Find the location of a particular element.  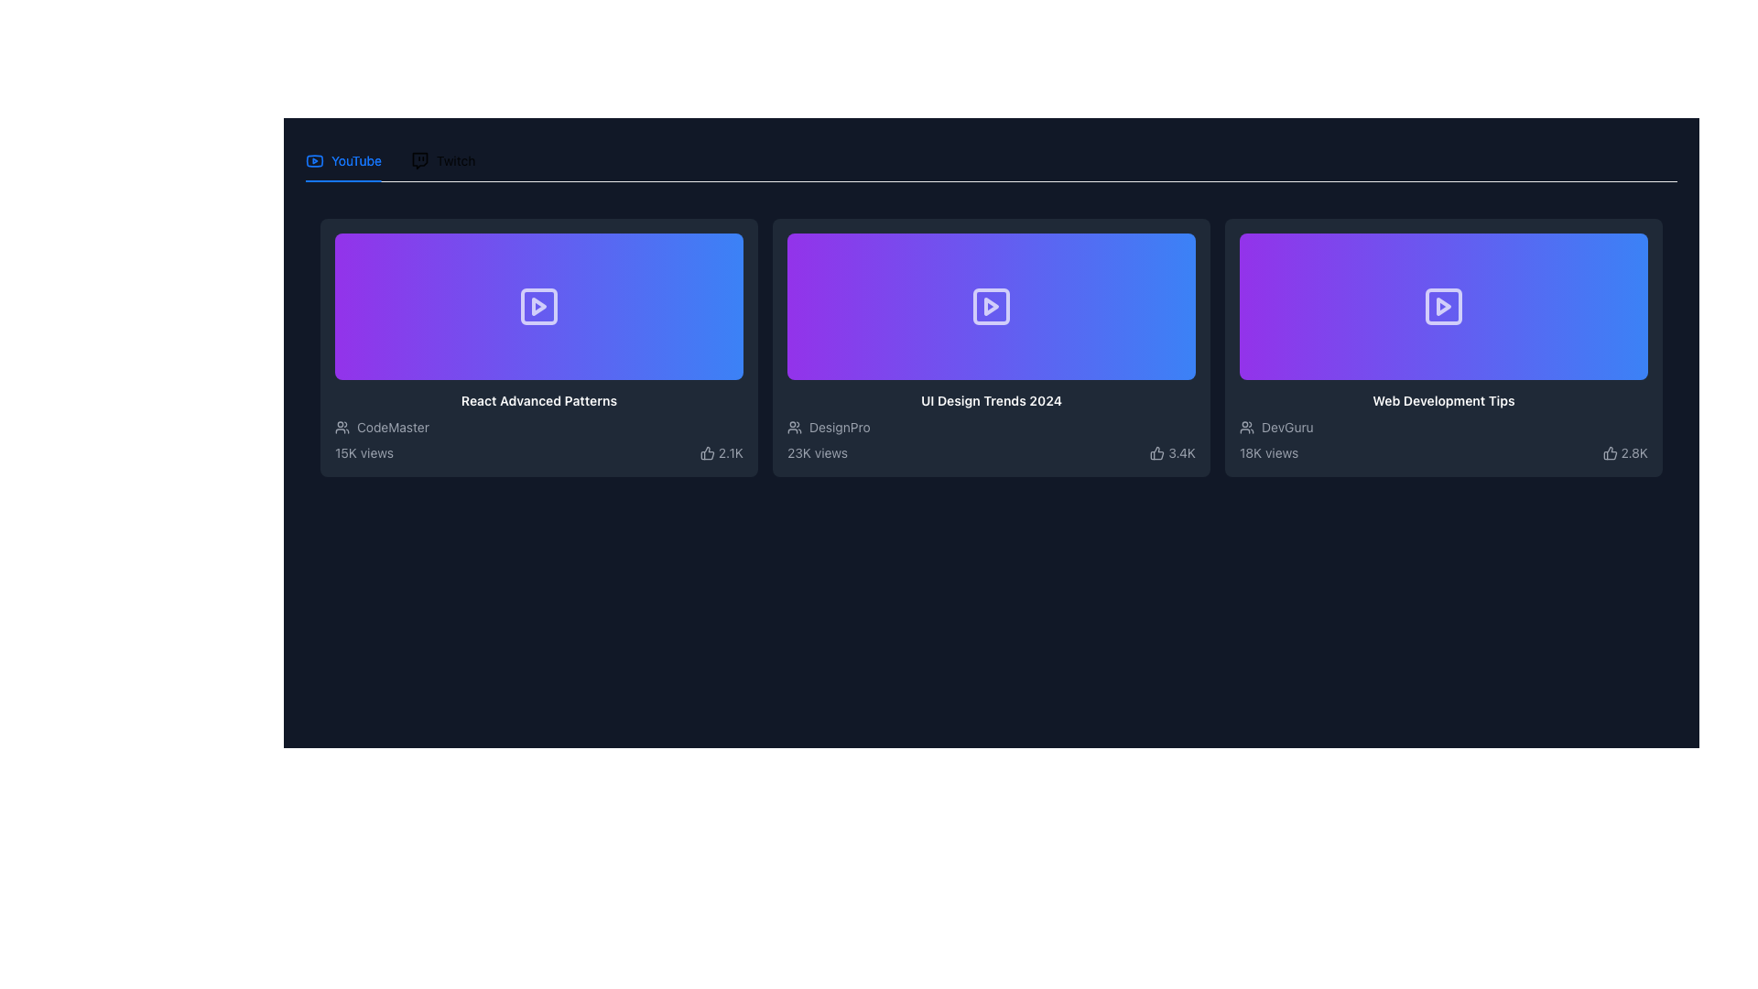

the informational bar displaying the view and like counts for the content titled 'UI Design Trends 2024', located near the bottom of the middle card in a grid layout is located at coordinates (991, 452).